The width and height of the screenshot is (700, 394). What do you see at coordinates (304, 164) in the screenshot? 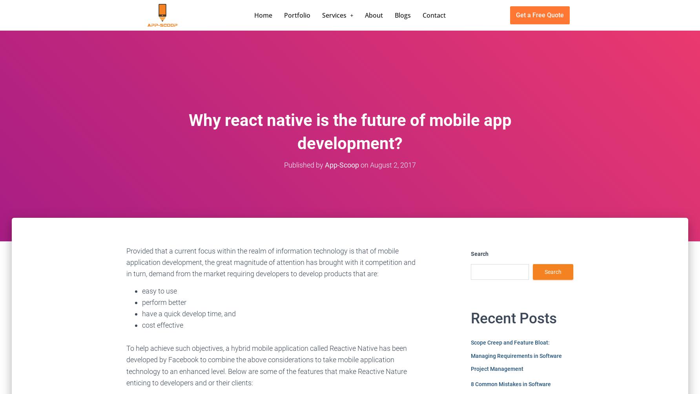
I see `'Published by'` at bounding box center [304, 164].